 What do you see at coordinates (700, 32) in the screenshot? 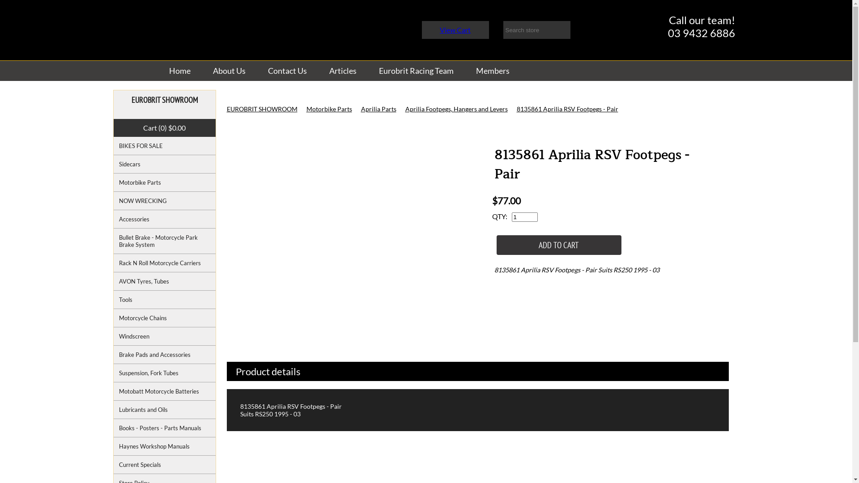
I see `'03 9432 6886'` at bounding box center [700, 32].